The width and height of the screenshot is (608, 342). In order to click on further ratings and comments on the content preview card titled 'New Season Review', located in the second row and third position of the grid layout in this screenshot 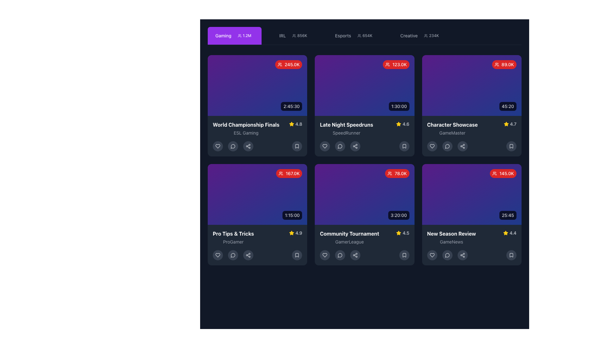, I will do `click(472, 214)`.